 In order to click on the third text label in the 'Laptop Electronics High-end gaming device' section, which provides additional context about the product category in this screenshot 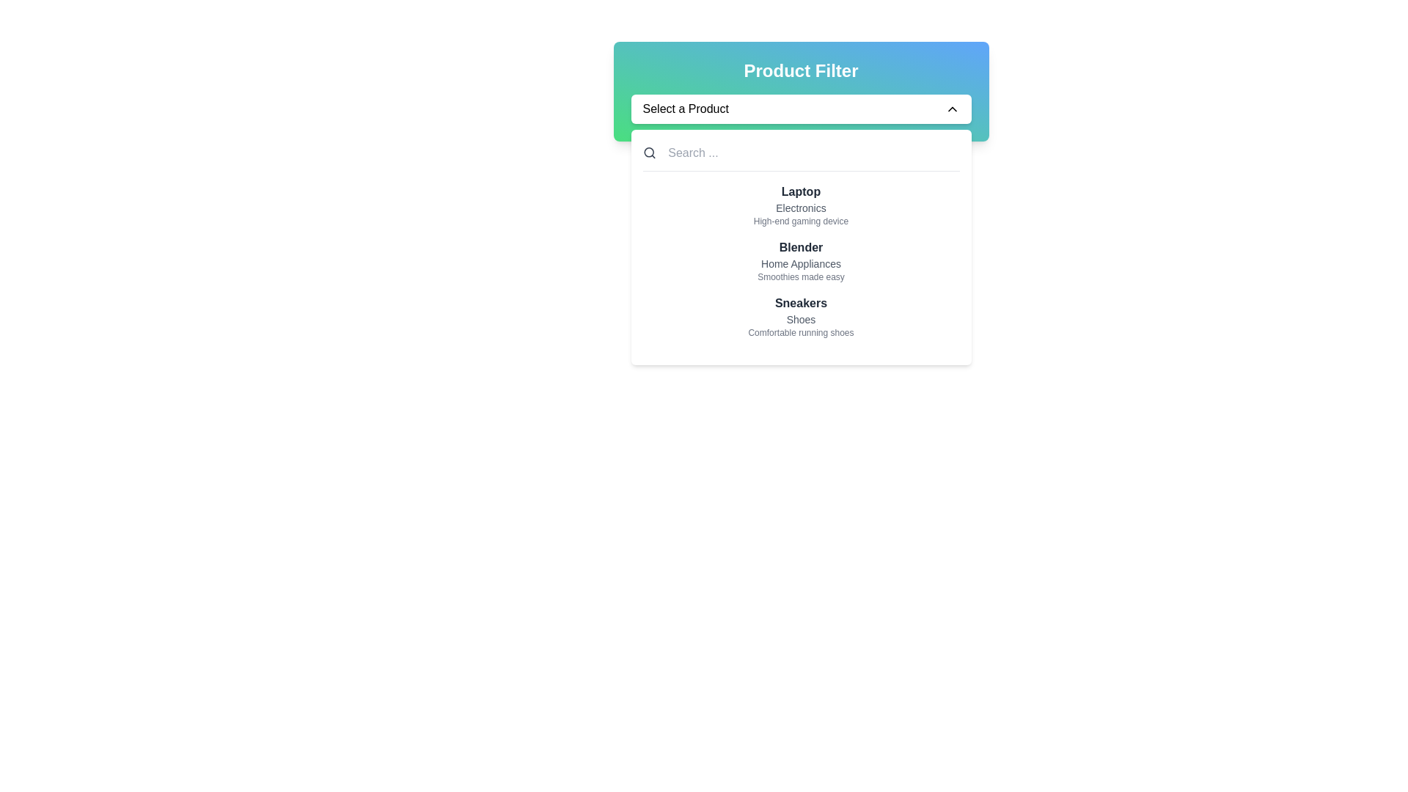, I will do `click(800, 221)`.